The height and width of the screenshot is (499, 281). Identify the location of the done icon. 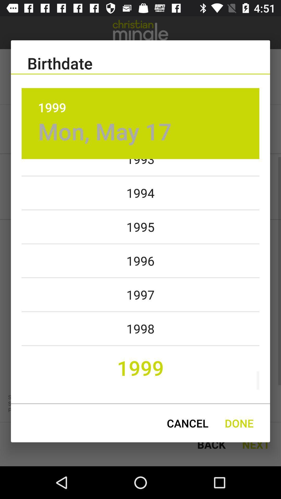
(239, 423).